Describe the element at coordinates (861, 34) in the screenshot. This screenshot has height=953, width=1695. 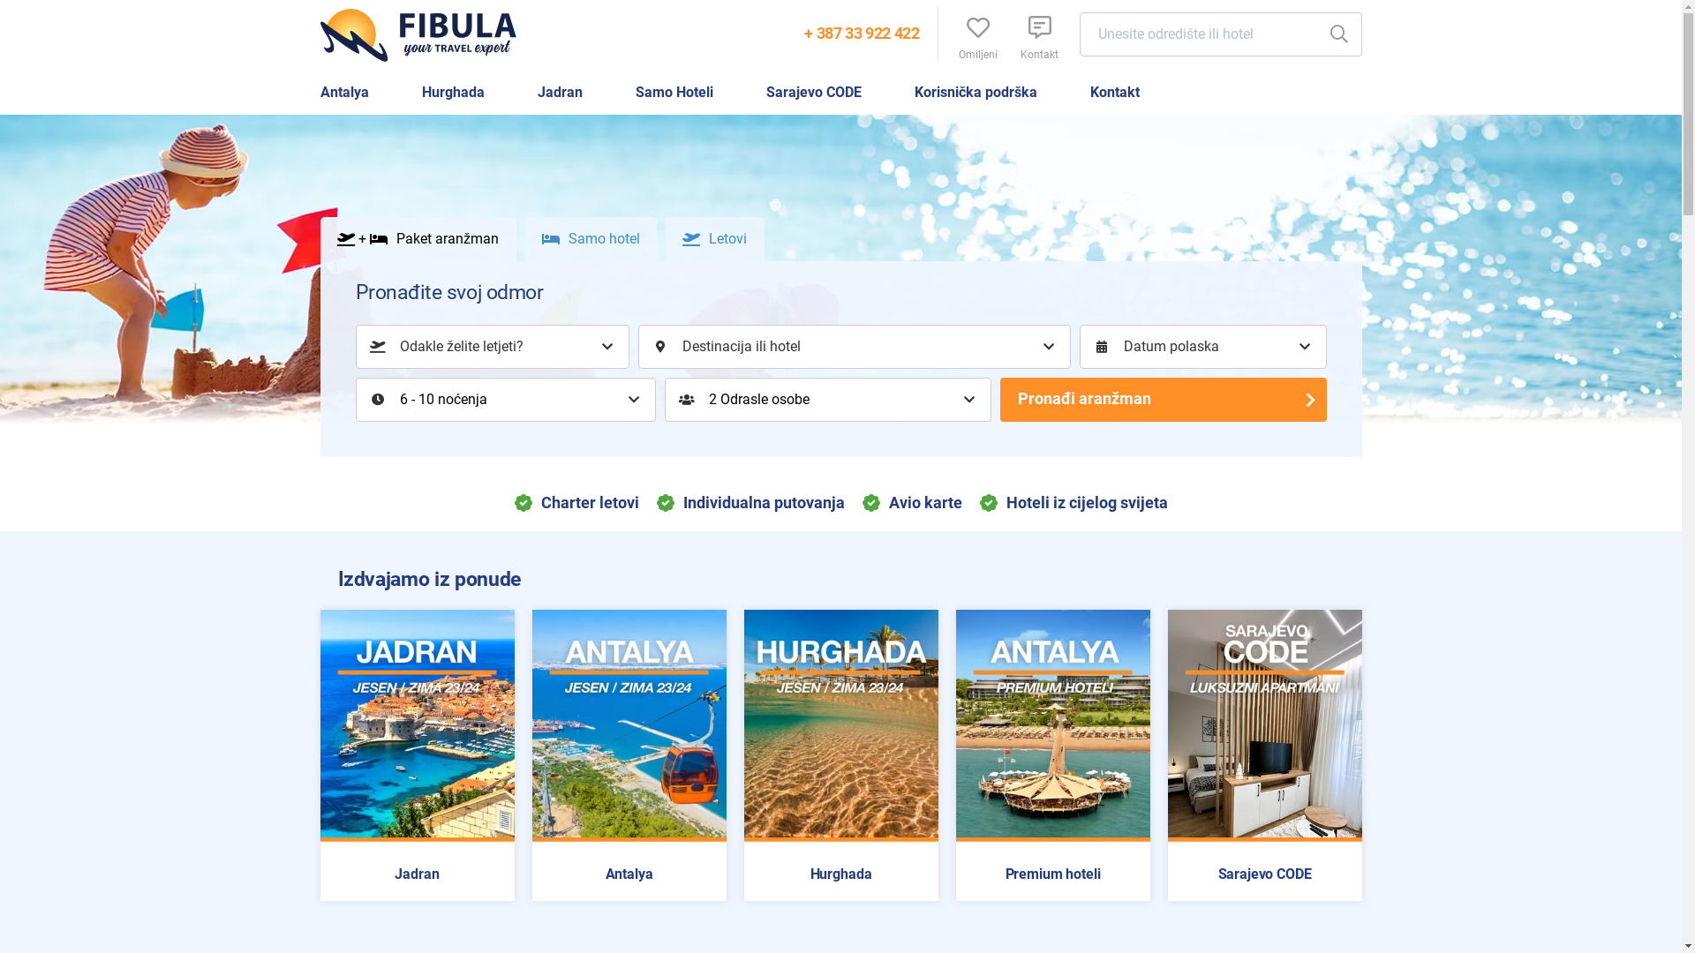
I see `'+ 387 33 922 422'` at that location.